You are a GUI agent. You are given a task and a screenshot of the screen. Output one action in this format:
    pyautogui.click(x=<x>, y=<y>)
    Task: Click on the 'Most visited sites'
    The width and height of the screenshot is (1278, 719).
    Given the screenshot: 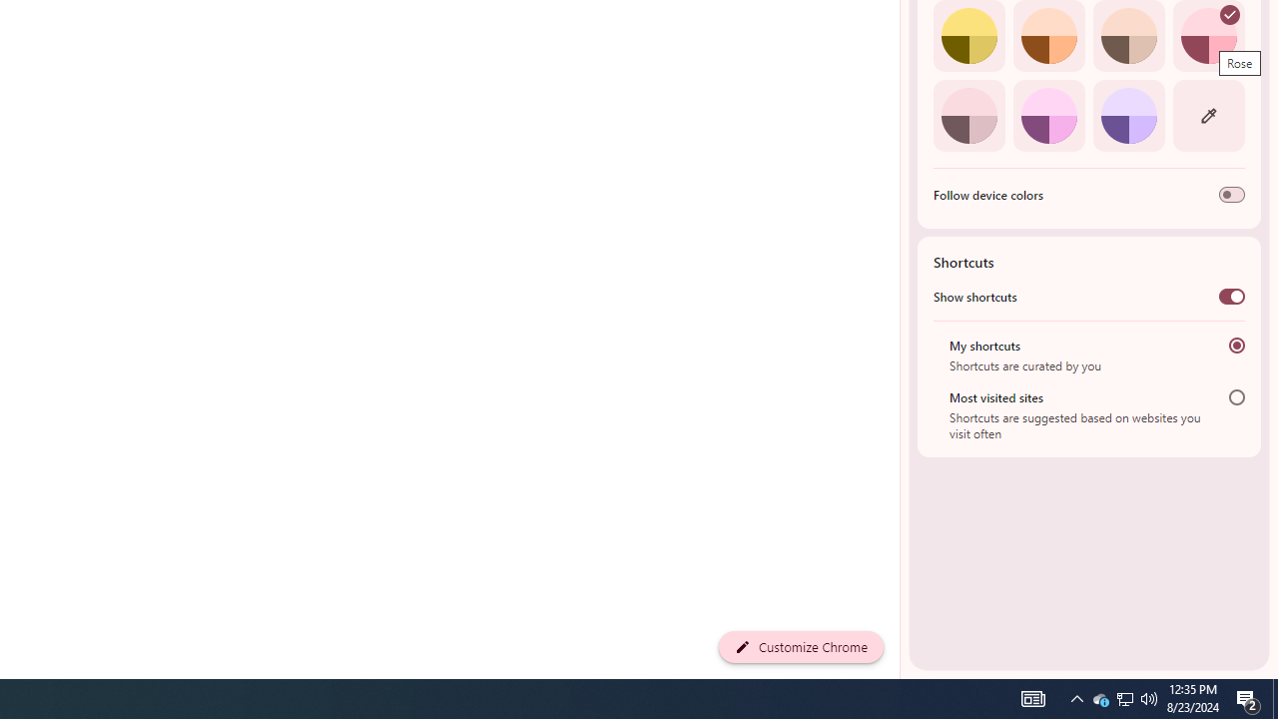 What is the action you would take?
    pyautogui.click(x=1236, y=397)
    